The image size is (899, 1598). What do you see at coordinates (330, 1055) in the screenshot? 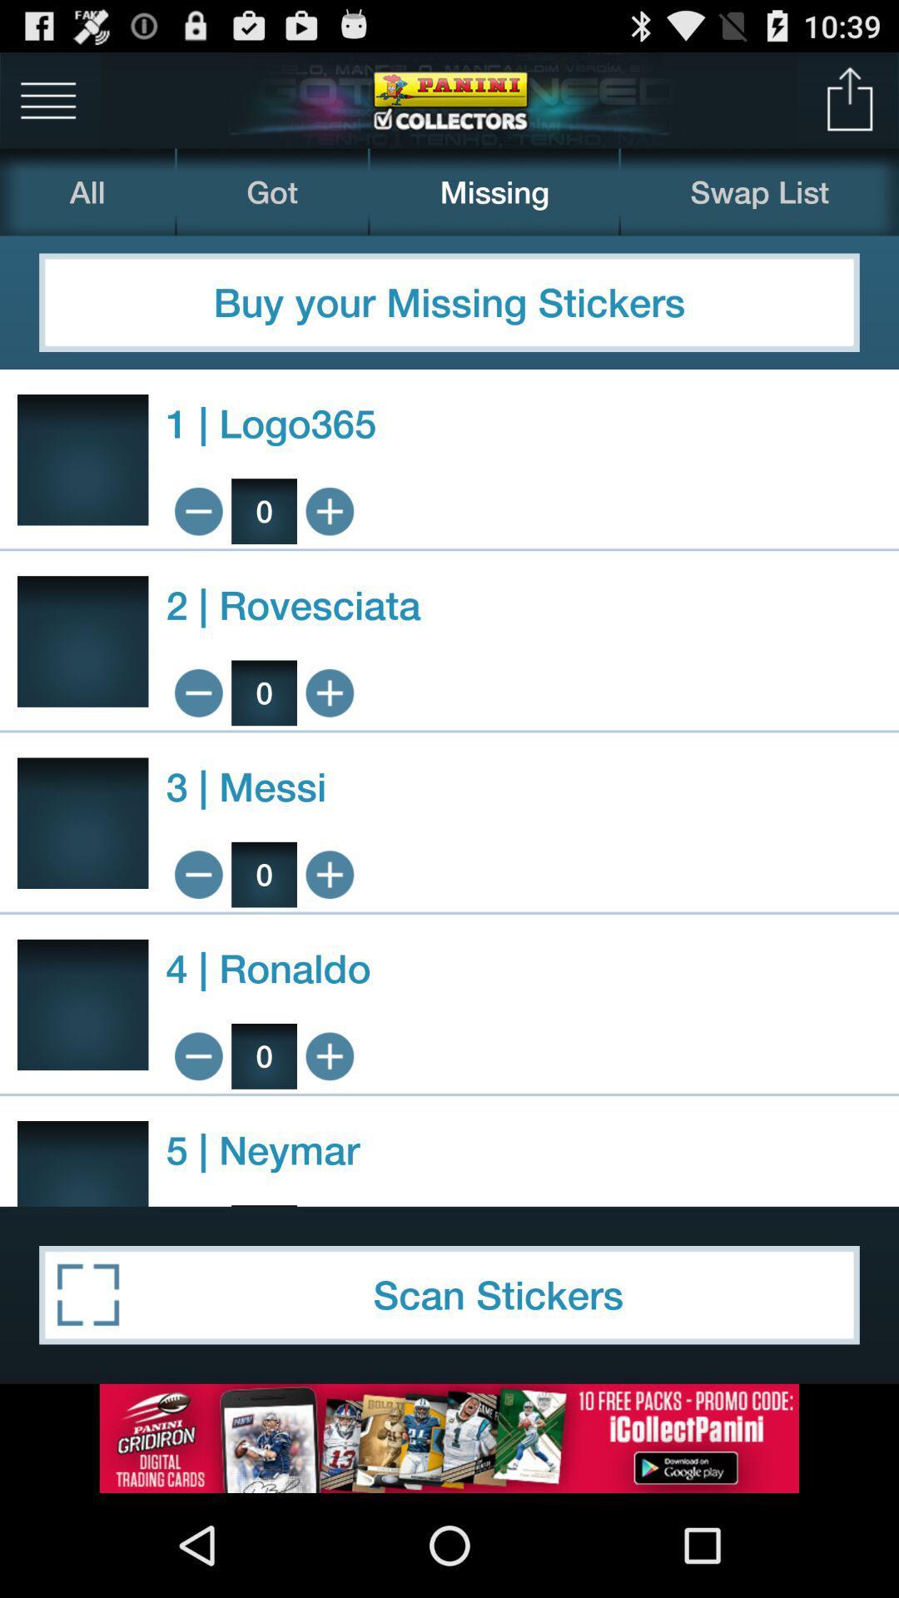
I see `button add` at bounding box center [330, 1055].